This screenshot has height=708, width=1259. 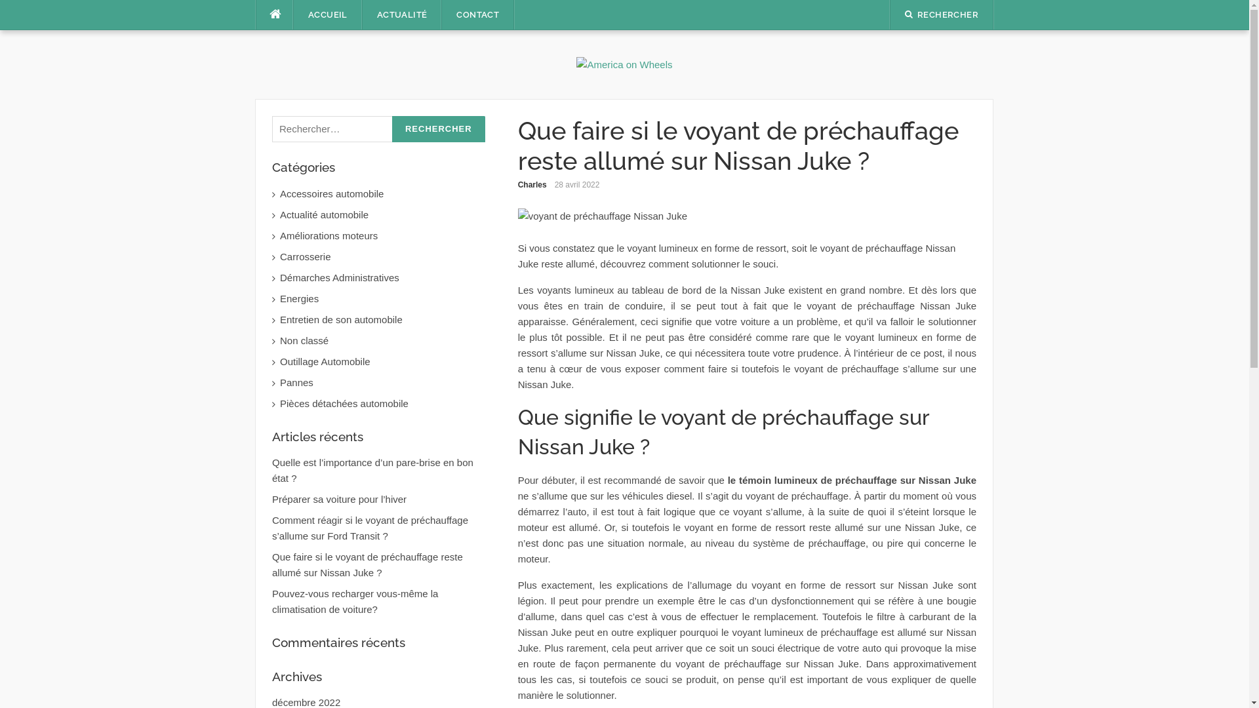 I want to click on 'Rechercher', so click(x=438, y=129).